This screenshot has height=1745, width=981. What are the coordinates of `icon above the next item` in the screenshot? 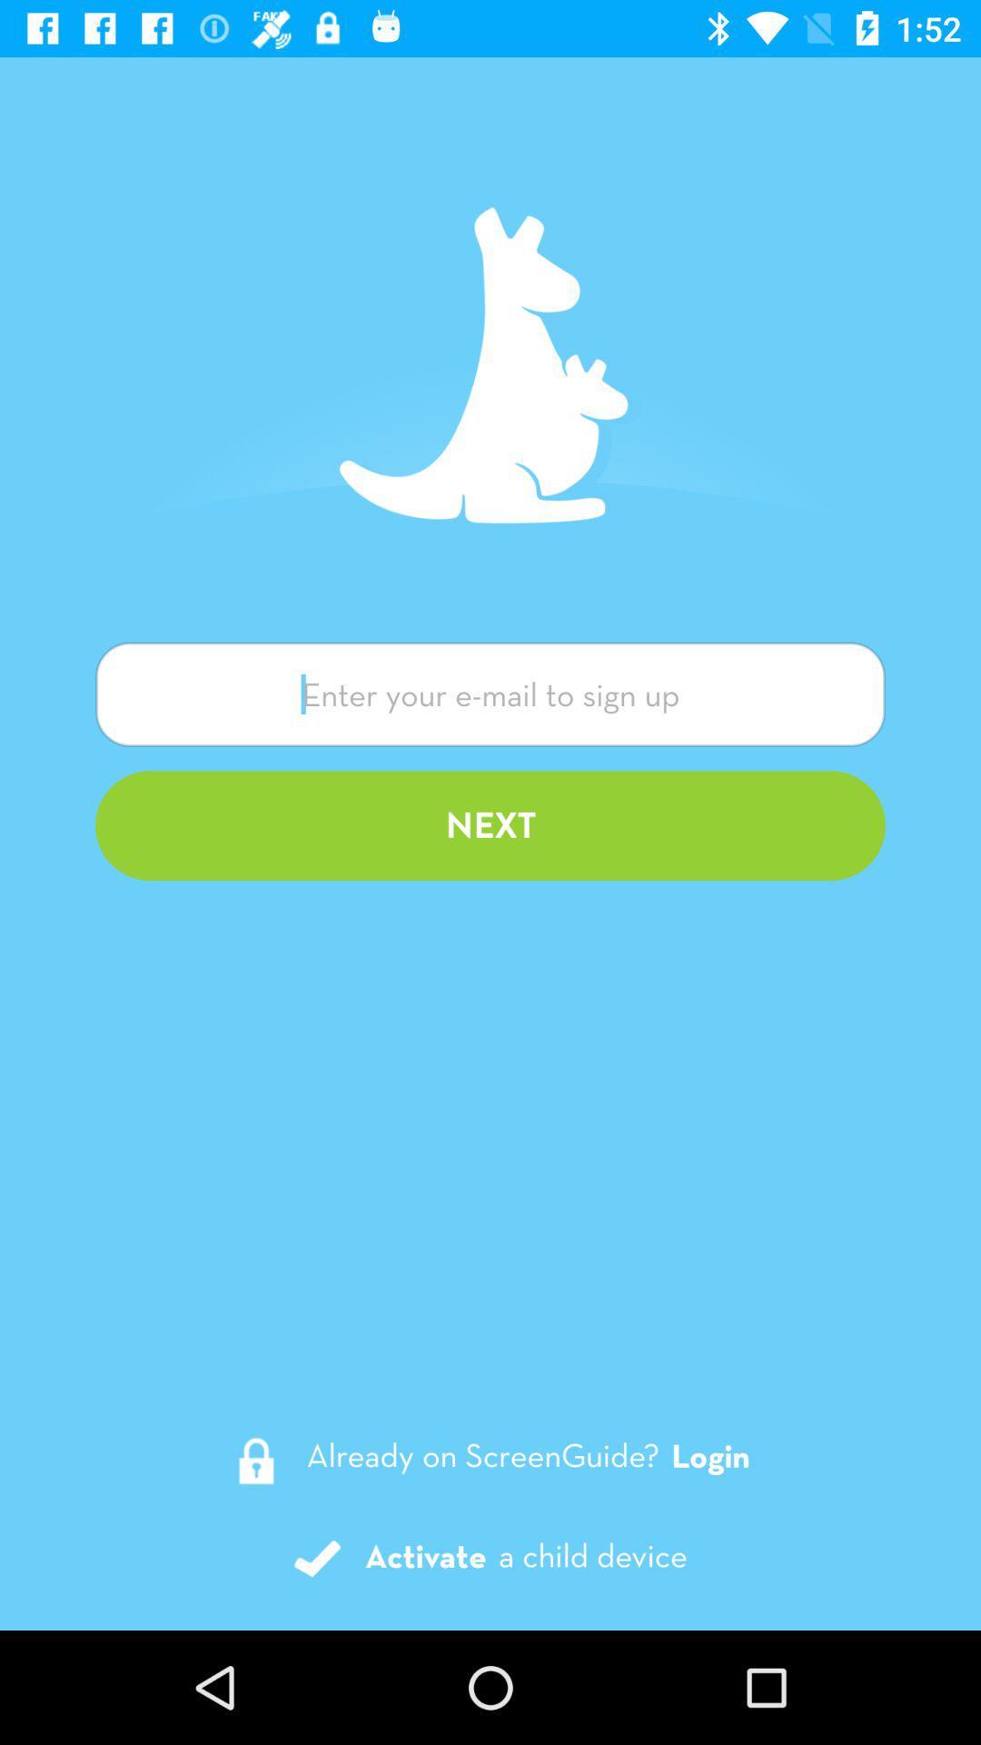 It's located at (490, 693).